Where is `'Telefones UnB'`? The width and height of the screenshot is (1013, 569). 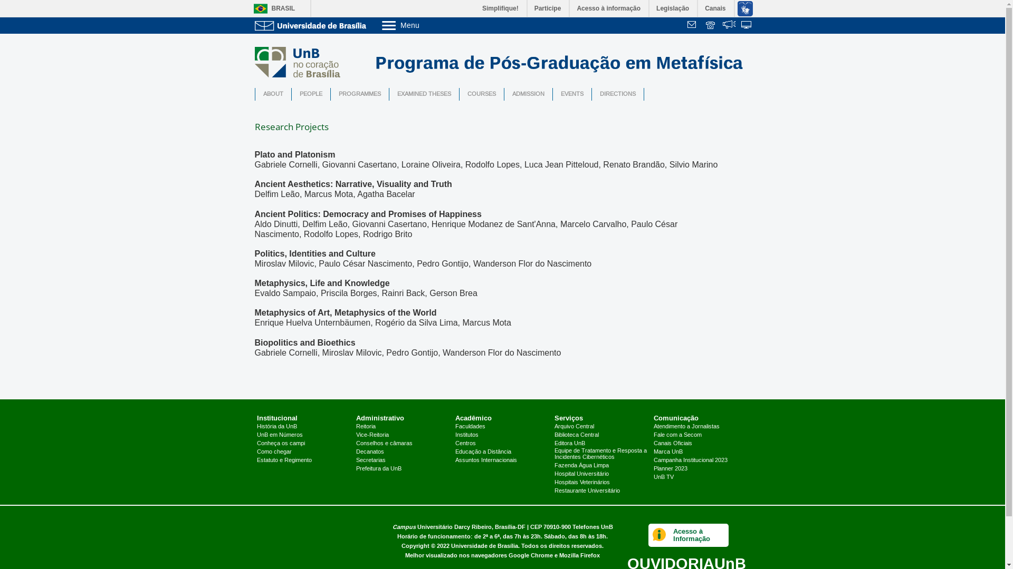 'Telefones UnB' is located at coordinates (592, 527).